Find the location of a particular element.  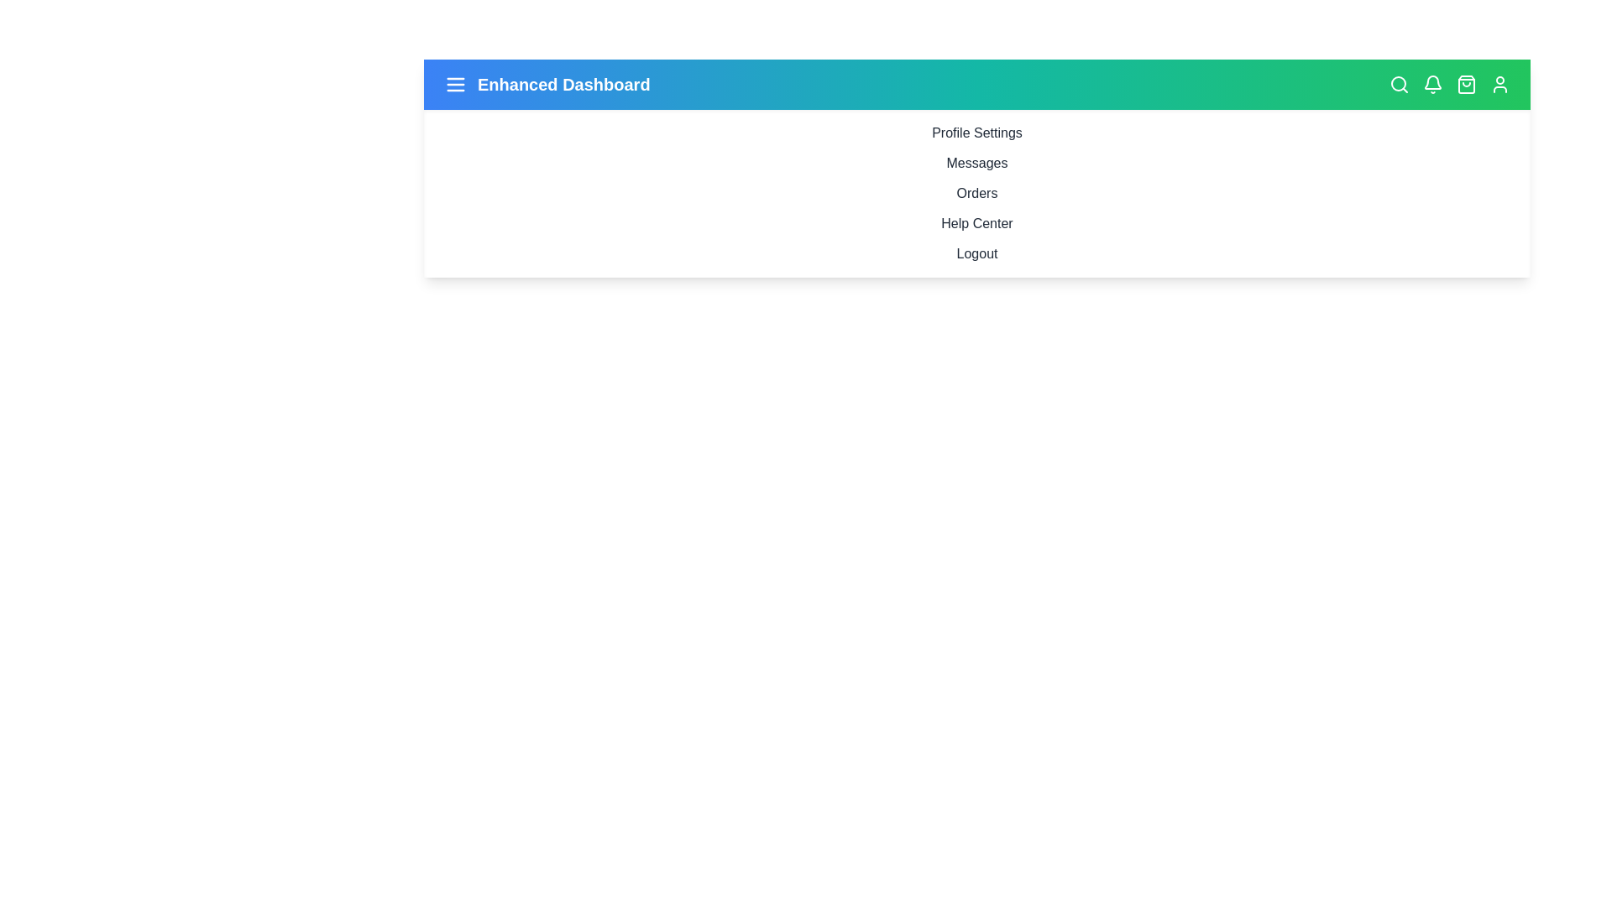

the search icon to display its tooltip or visual feedback is located at coordinates (1399, 84).